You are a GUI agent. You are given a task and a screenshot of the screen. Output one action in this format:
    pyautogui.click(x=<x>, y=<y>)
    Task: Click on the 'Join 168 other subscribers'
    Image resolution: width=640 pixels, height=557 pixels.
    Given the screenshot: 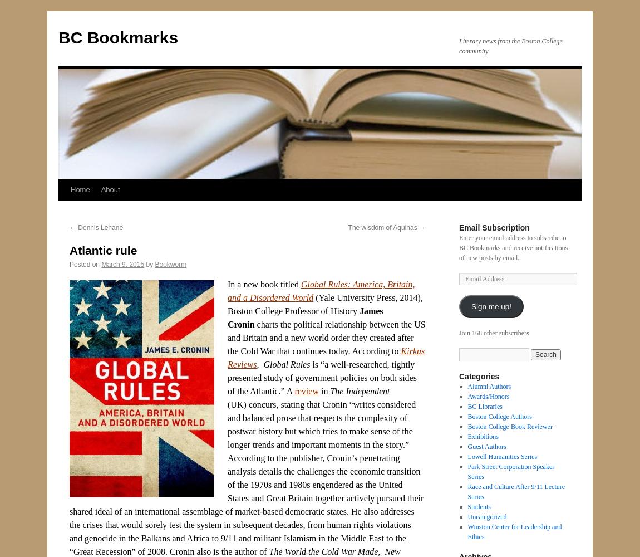 What is the action you would take?
    pyautogui.click(x=494, y=333)
    